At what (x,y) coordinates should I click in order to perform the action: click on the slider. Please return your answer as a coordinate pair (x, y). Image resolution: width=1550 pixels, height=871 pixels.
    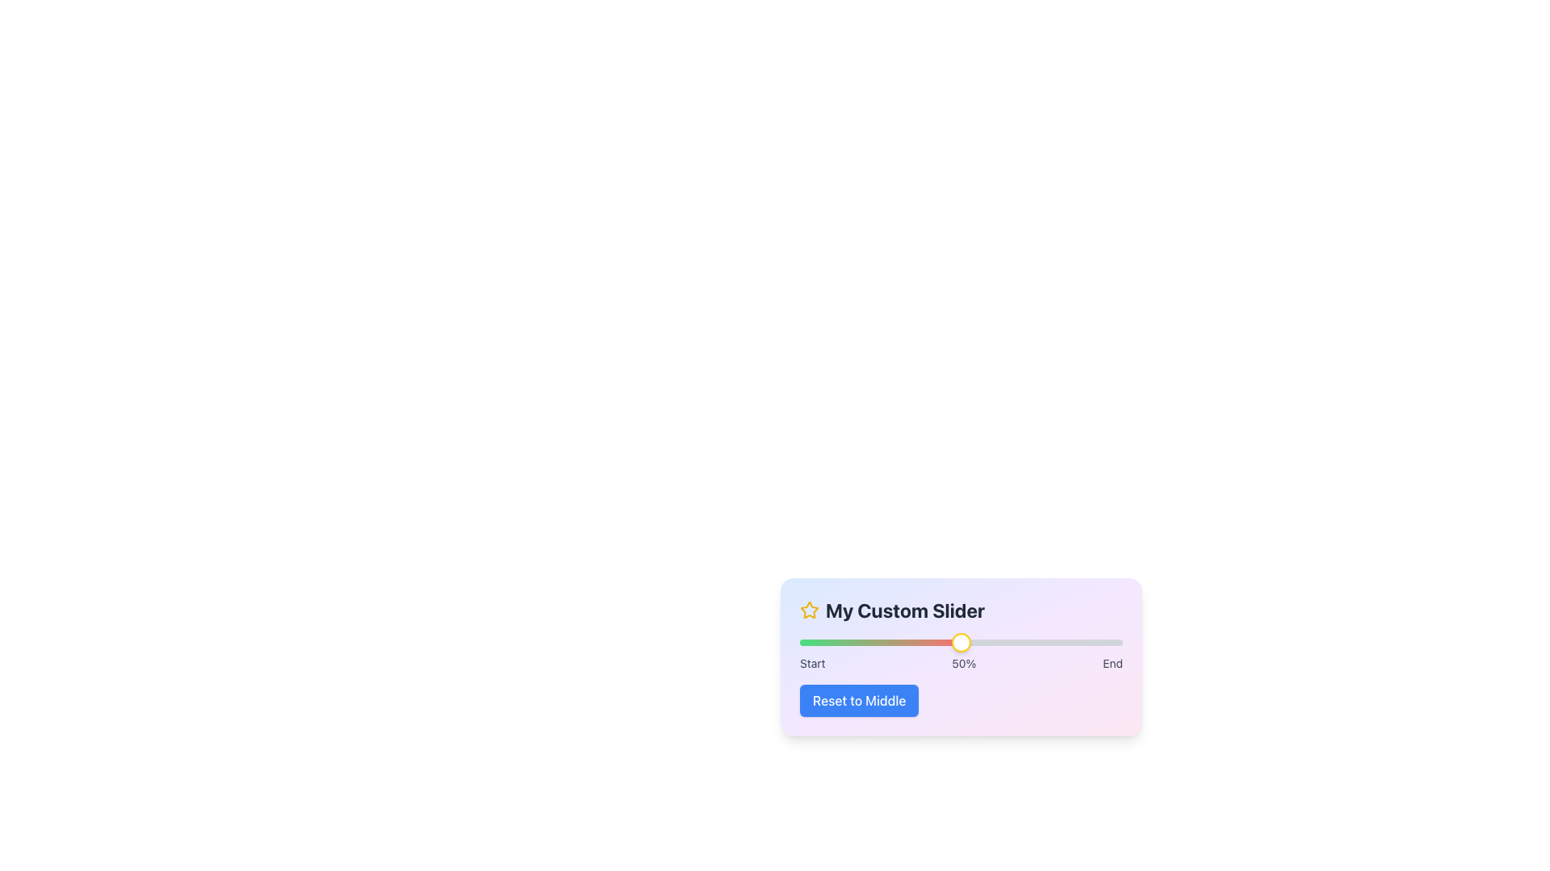
    Looking at the image, I should click on (920, 642).